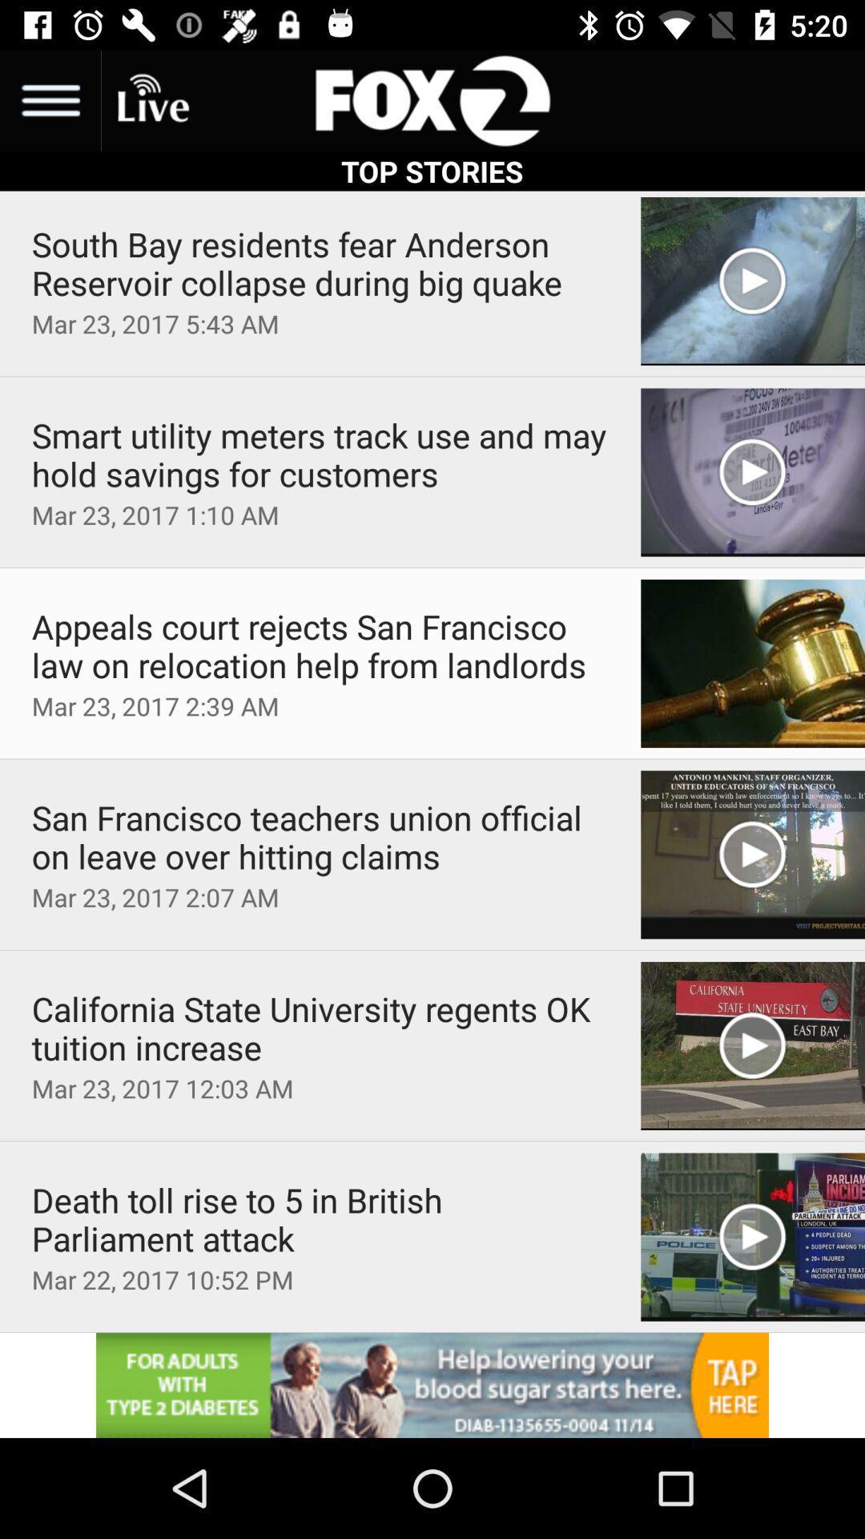 This screenshot has width=865, height=1539. I want to click on the menu icon, so click(49, 99).